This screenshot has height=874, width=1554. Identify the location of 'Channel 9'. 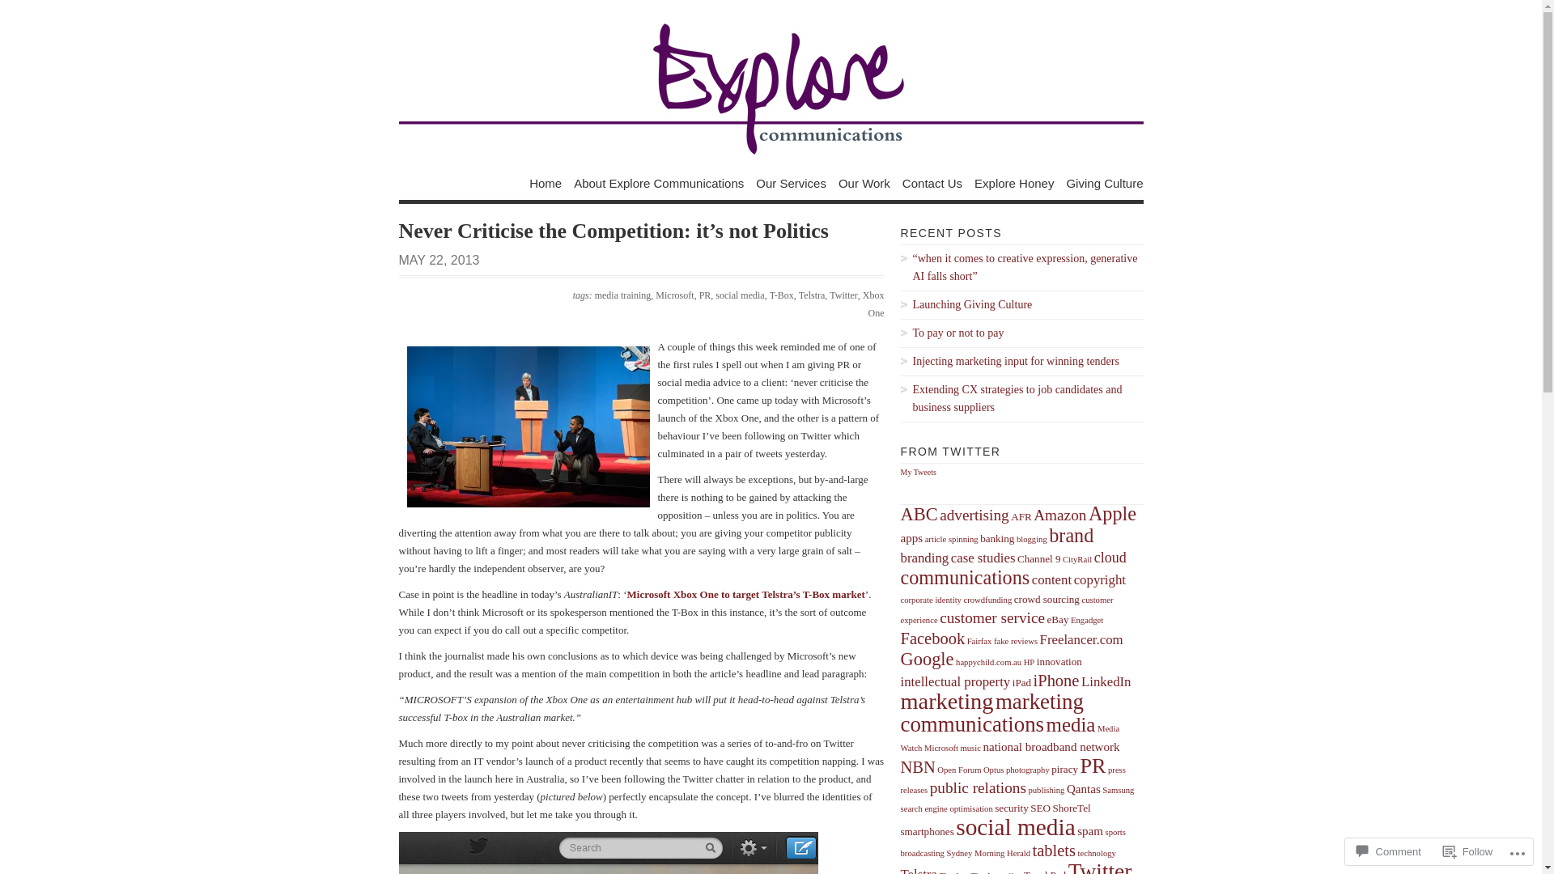
(1038, 558).